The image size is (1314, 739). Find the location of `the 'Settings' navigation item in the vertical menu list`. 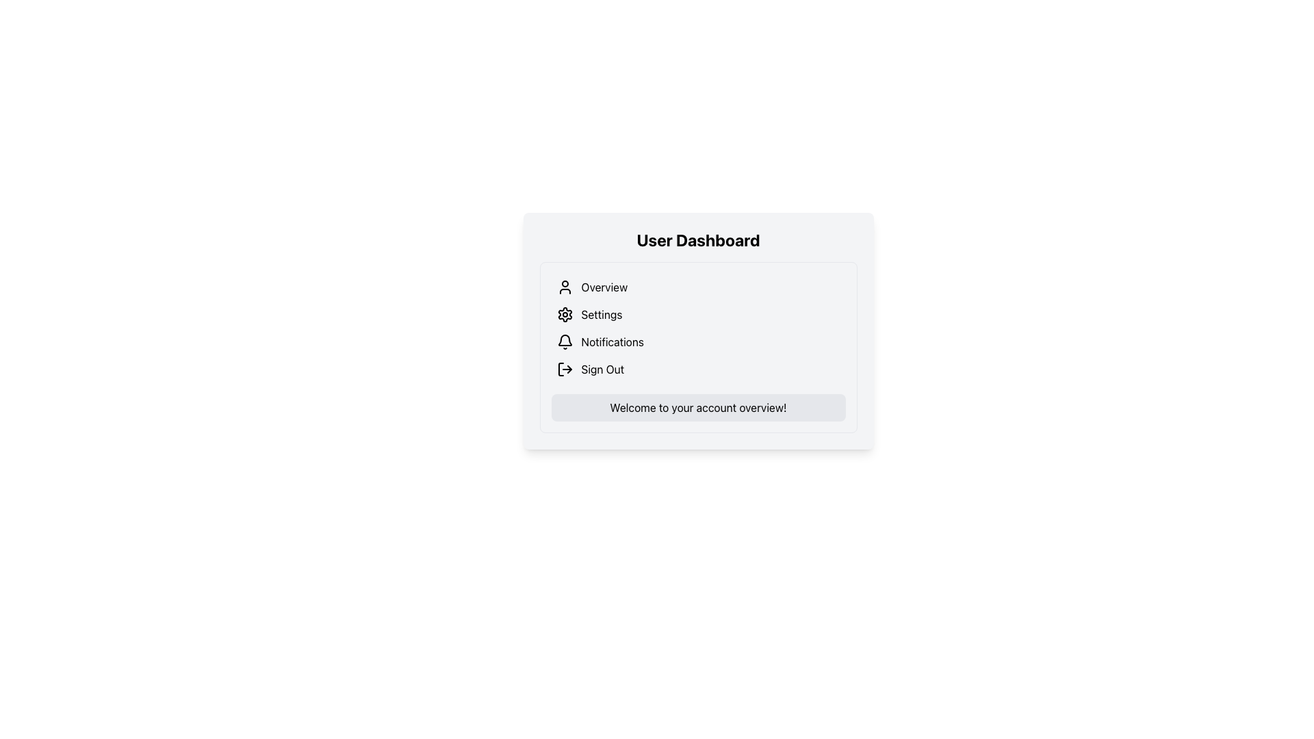

the 'Settings' navigation item in the vertical menu list is located at coordinates (698, 314).